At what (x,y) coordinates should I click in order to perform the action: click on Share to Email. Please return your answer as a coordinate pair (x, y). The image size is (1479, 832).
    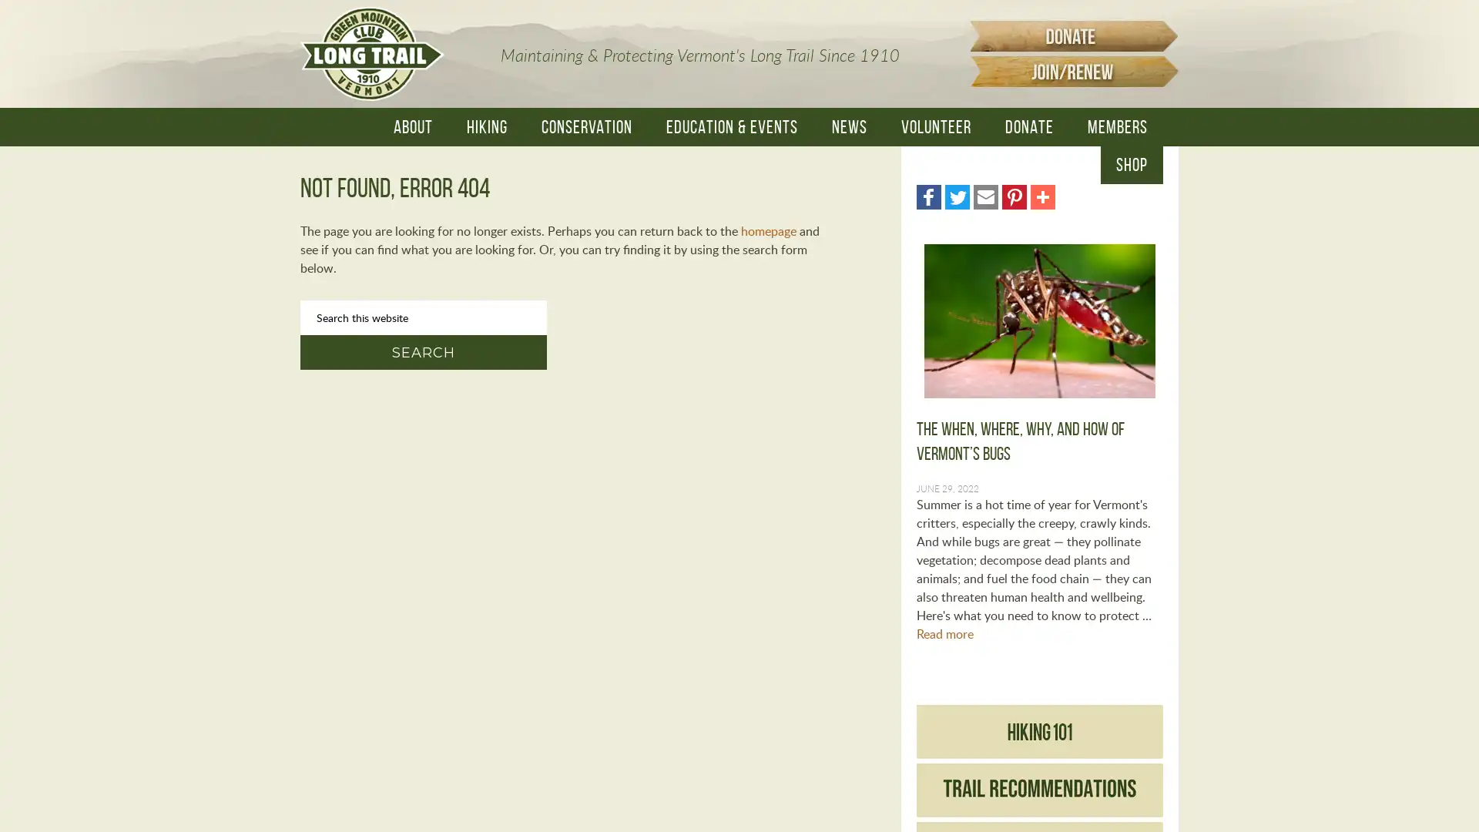
    Looking at the image, I should click on (986, 196).